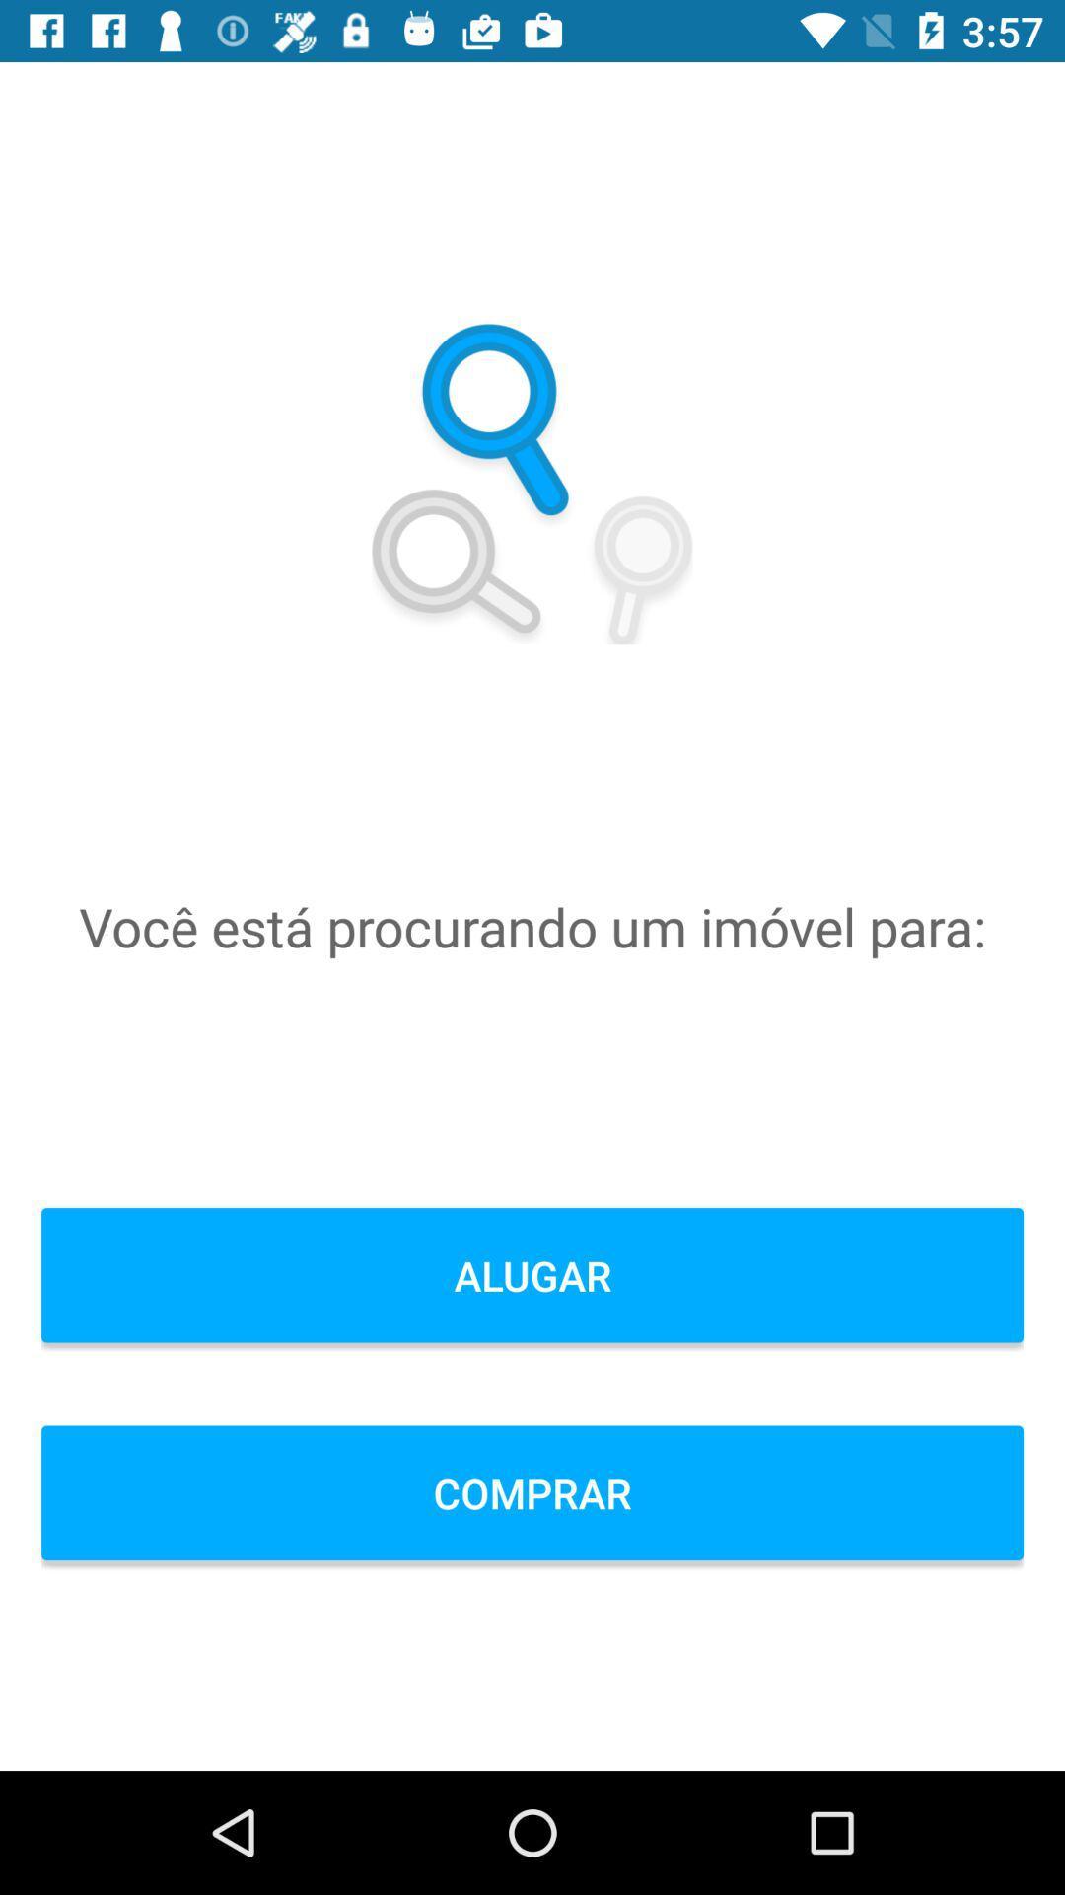 This screenshot has height=1895, width=1065. I want to click on the comprar icon, so click(532, 1492).